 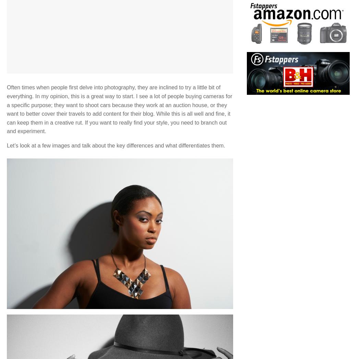 What do you see at coordinates (189, 300) in the screenshot?
I see `'|'` at bounding box center [189, 300].